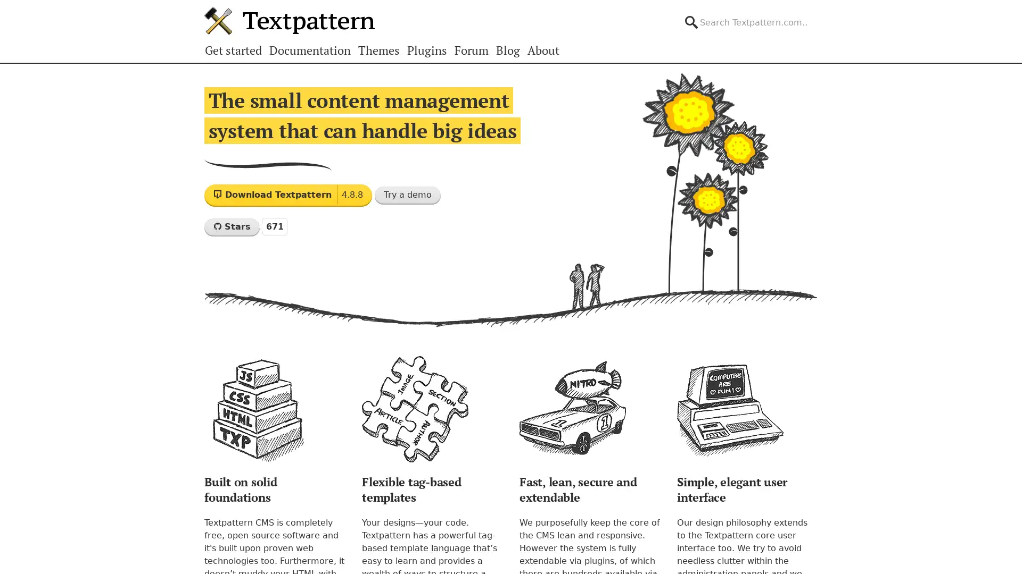 The height and width of the screenshot is (574, 1022). I want to click on Submit Search, so click(817, 13).